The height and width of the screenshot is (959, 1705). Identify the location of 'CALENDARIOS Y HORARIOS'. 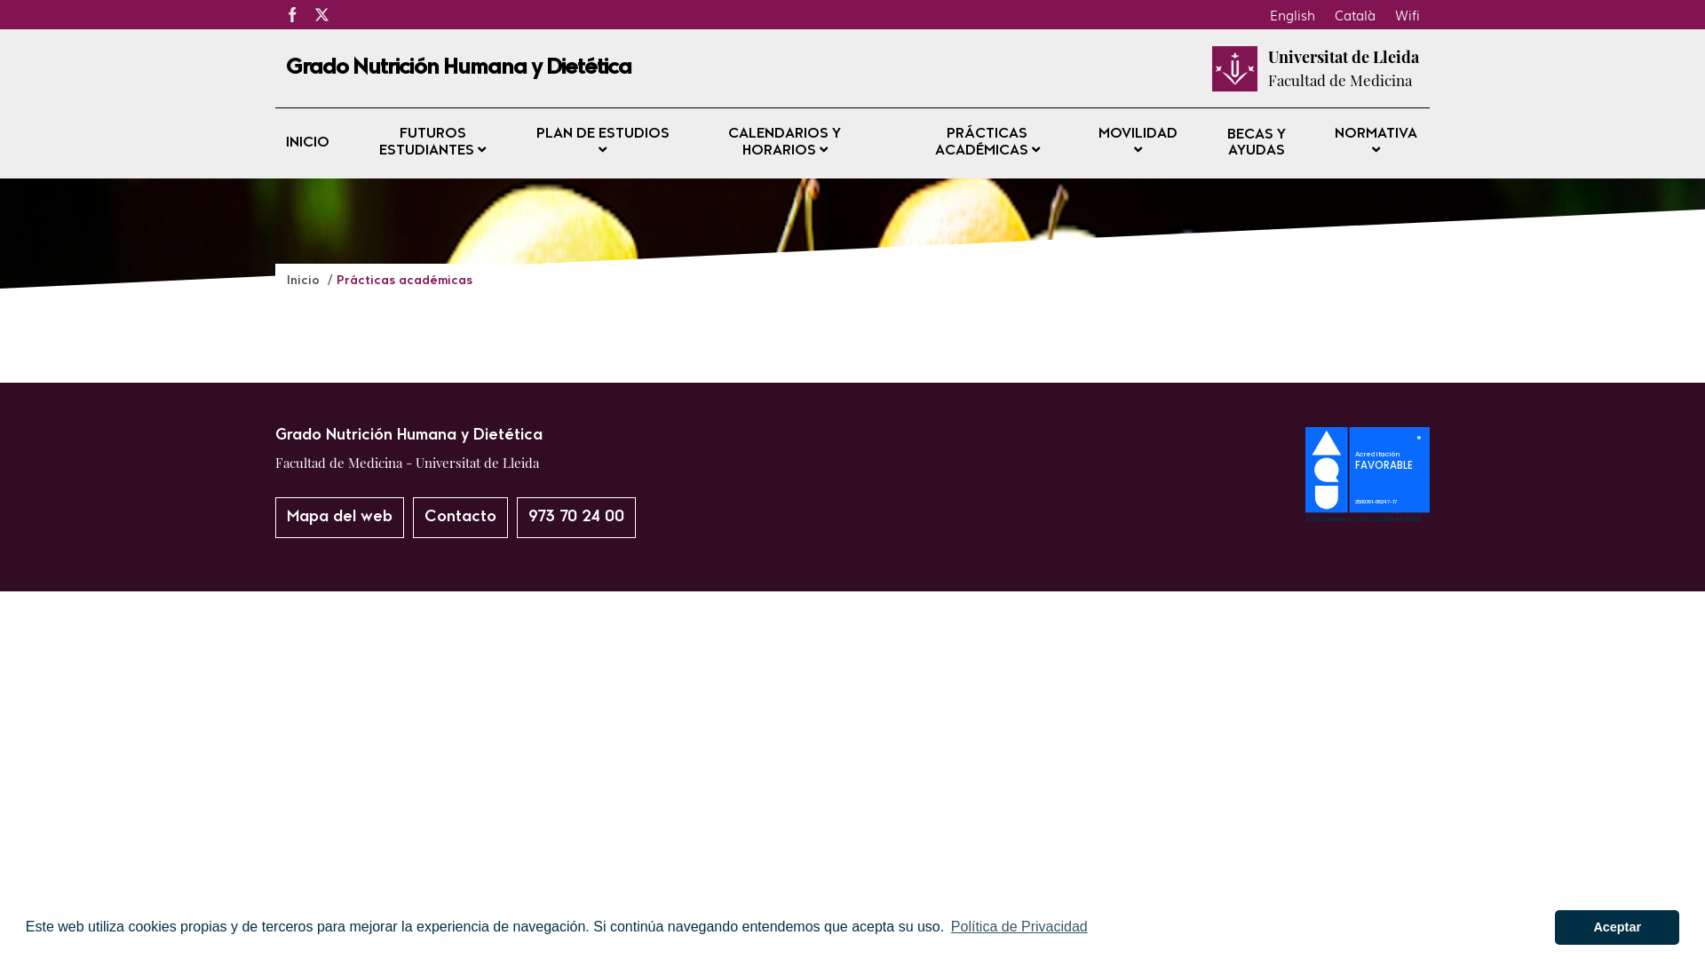
(783, 142).